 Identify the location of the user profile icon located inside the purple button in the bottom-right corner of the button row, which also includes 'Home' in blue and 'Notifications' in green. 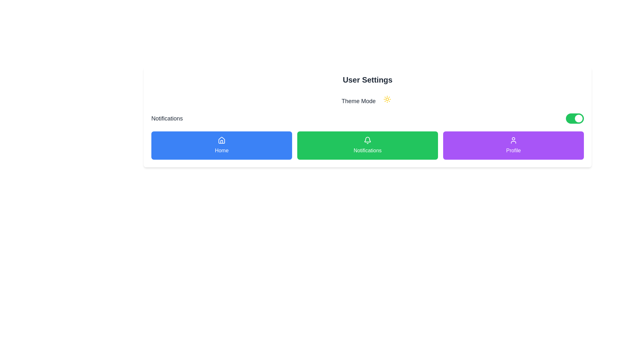
(513, 140).